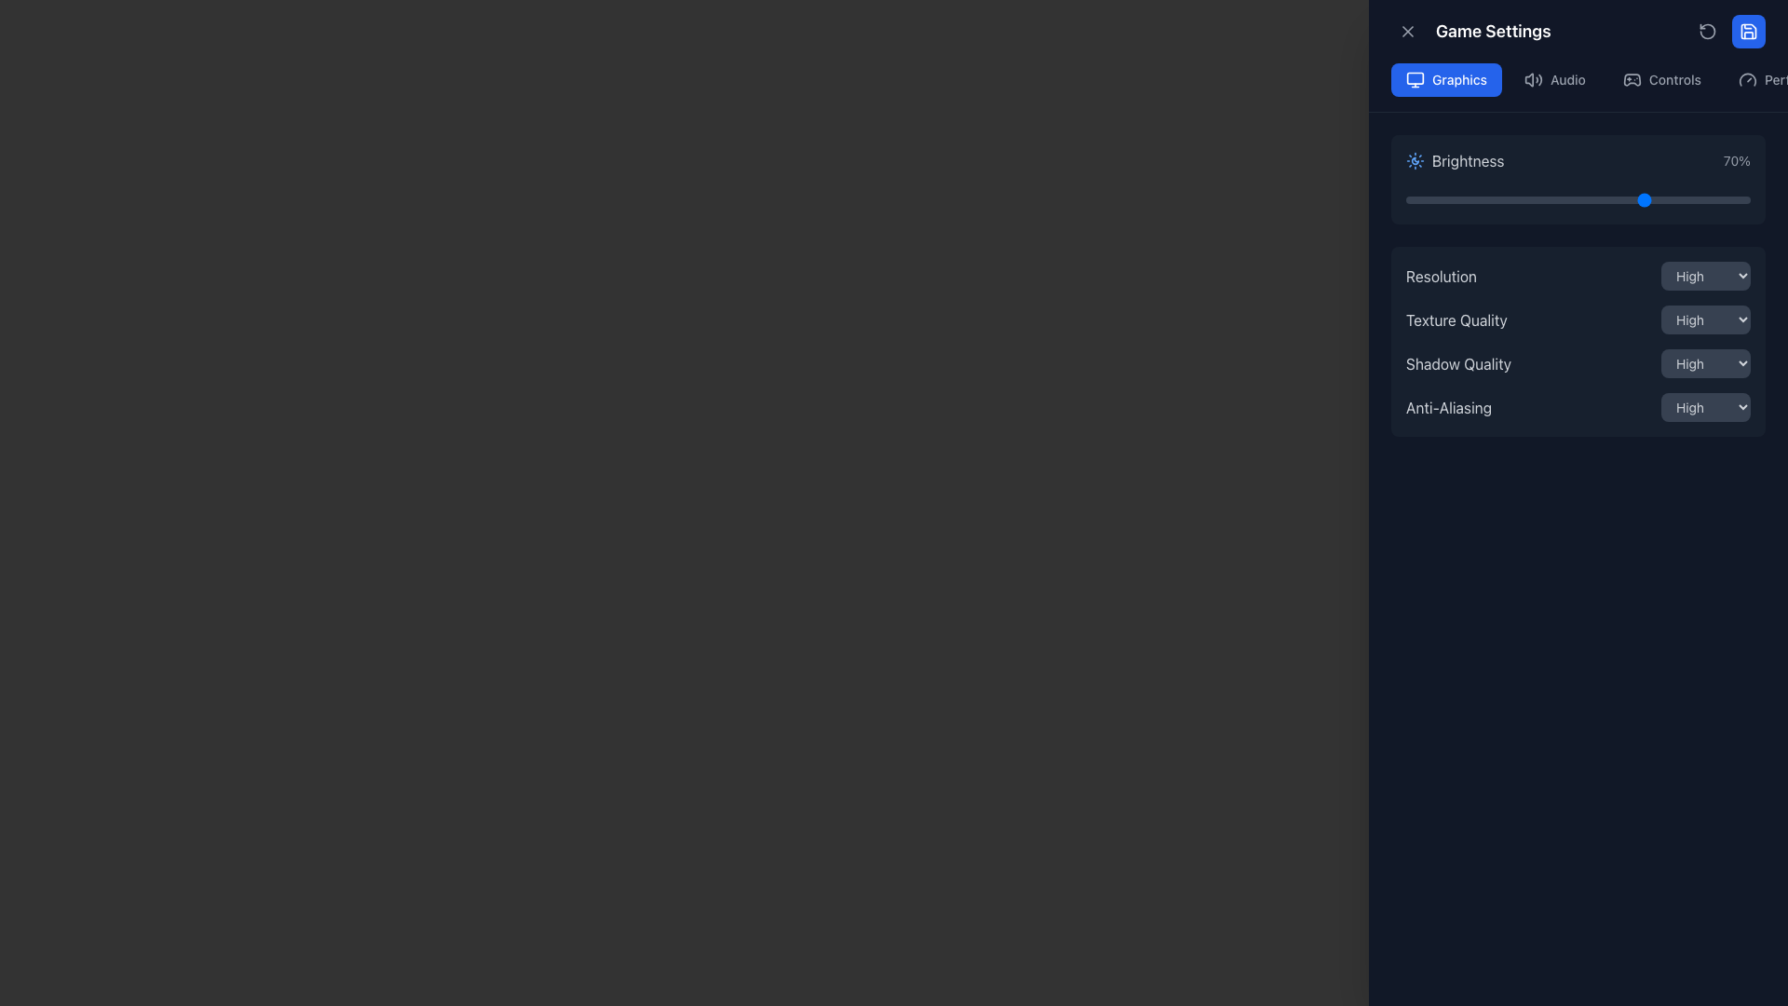 This screenshot has width=1788, height=1006. I want to click on the brightness level, so click(1584, 200).